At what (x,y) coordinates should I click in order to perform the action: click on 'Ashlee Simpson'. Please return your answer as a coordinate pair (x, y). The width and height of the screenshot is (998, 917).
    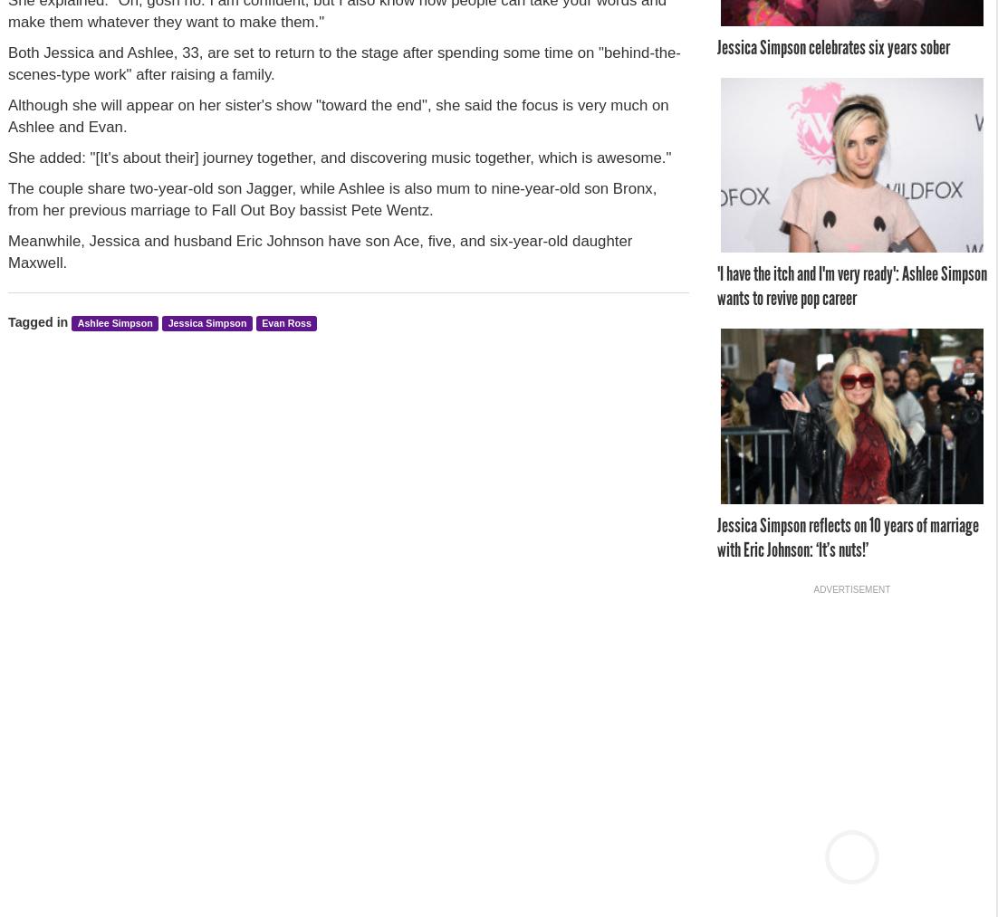
    Looking at the image, I should click on (113, 321).